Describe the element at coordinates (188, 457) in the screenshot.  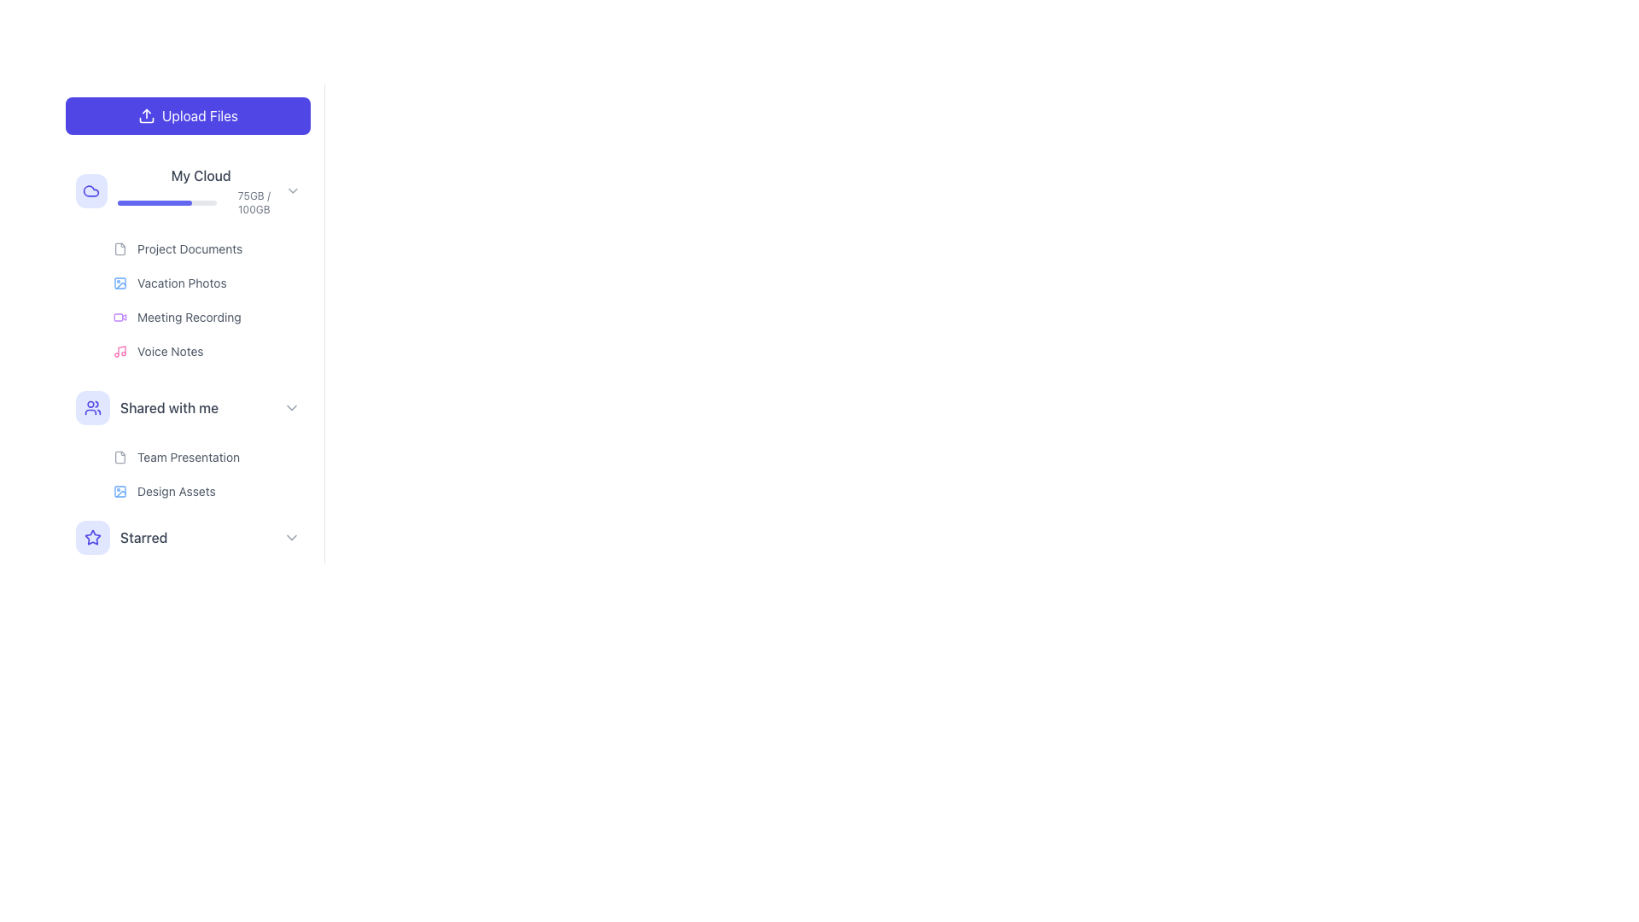
I see `the text label displaying 'Team Presentation' in gray font located in the sidebar under 'Shared with me'` at that location.